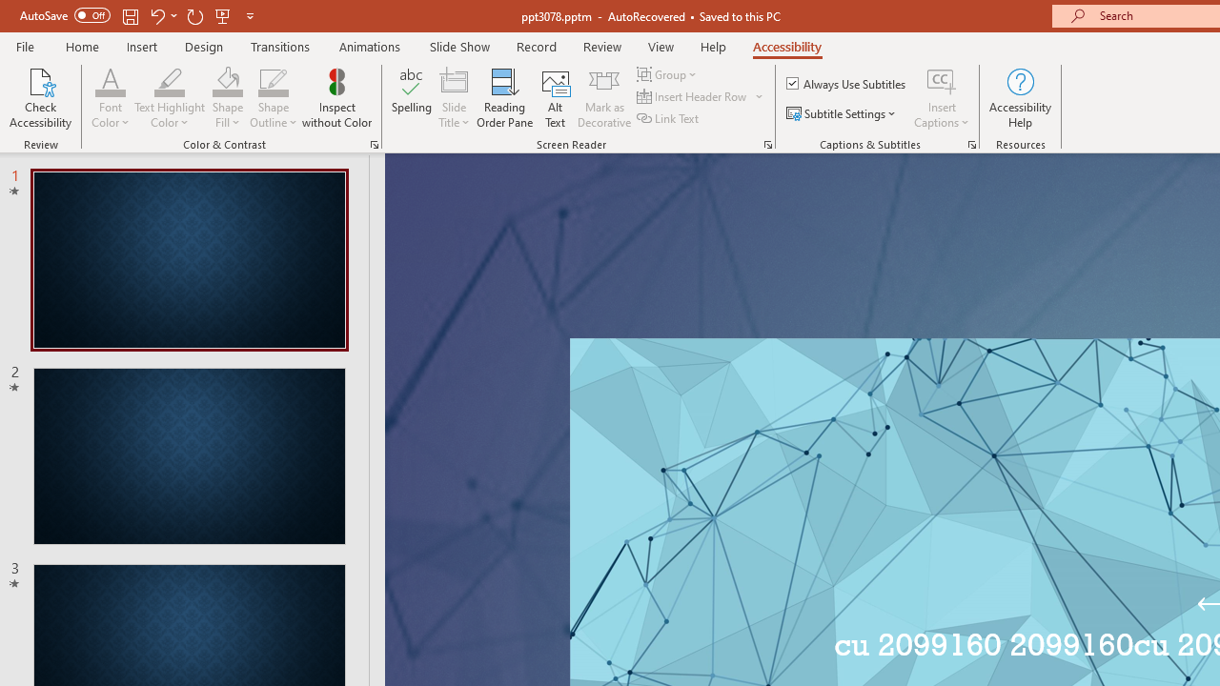 The height and width of the screenshot is (686, 1220). Describe the element at coordinates (453, 98) in the screenshot. I see `'Slide Title'` at that location.